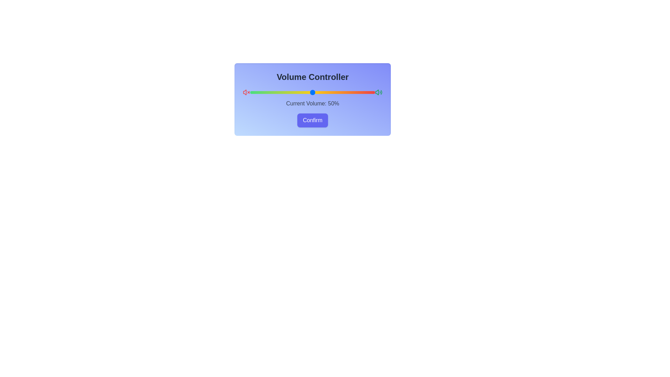 Image resolution: width=670 pixels, height=377 pixels. What do you see at coordinates (326, 92) in the screenshot?
I see `the volume slider to set the volume to 61%` at bounding box center [326, 92].